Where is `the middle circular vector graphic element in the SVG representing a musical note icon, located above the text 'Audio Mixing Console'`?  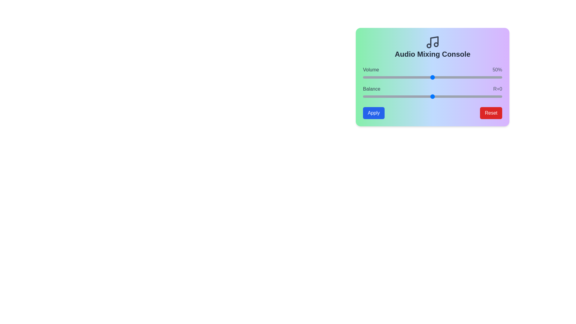 the middle circular vector graphic element in the SVG representing a musical note icon, located above the text 'Audio Mixing Console' is located at coordinates (429, 46).